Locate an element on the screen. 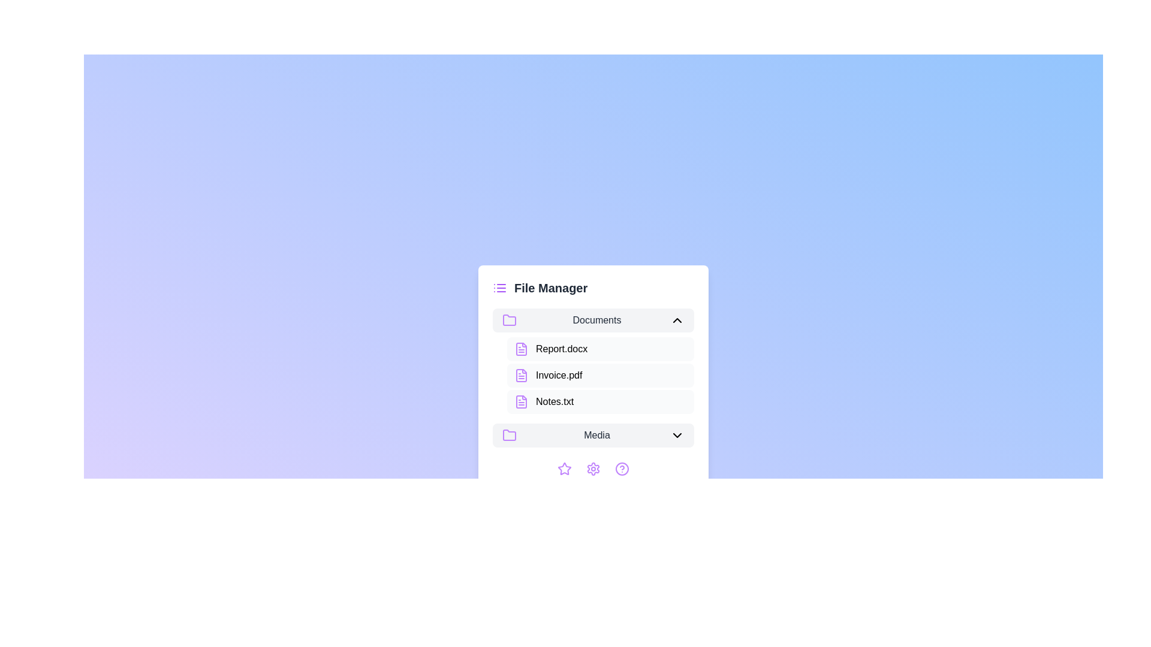 This screenshot has height=647, width=1151. the footer option Settings to access its functionality is located at coordinates (593, 468).